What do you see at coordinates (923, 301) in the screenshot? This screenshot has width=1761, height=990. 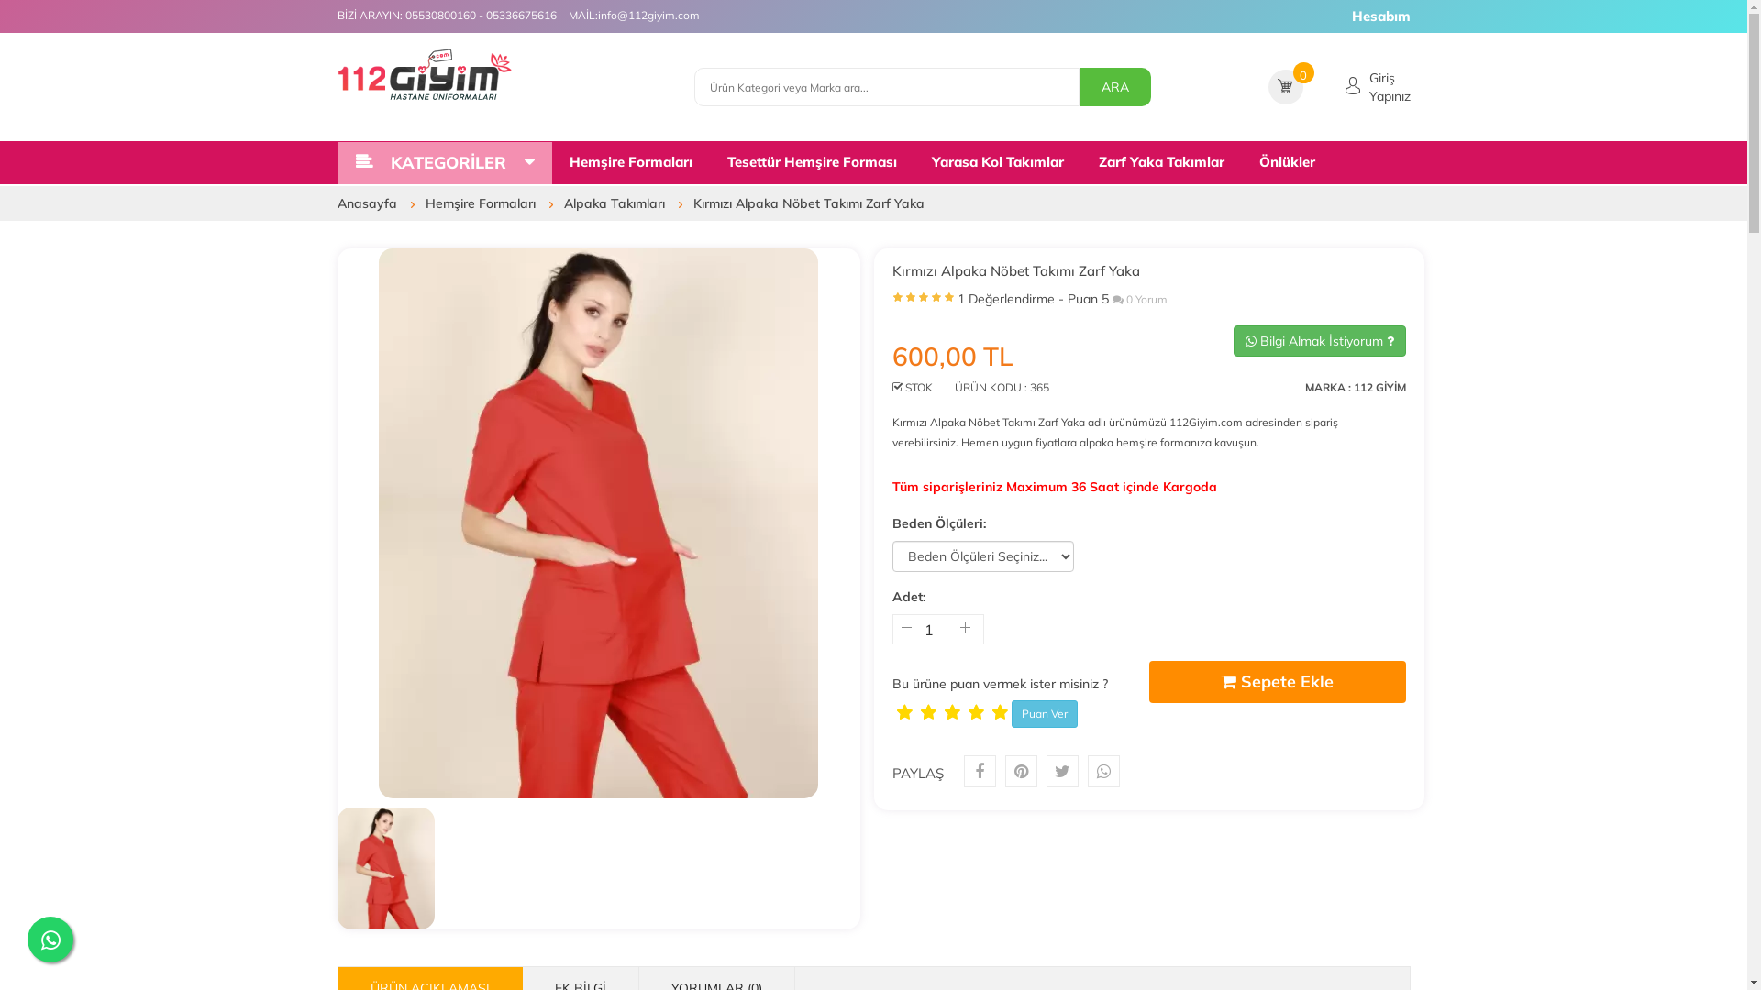 I see `'1 oy verildi Oy:5.0'` at bounding box center [923, 301].